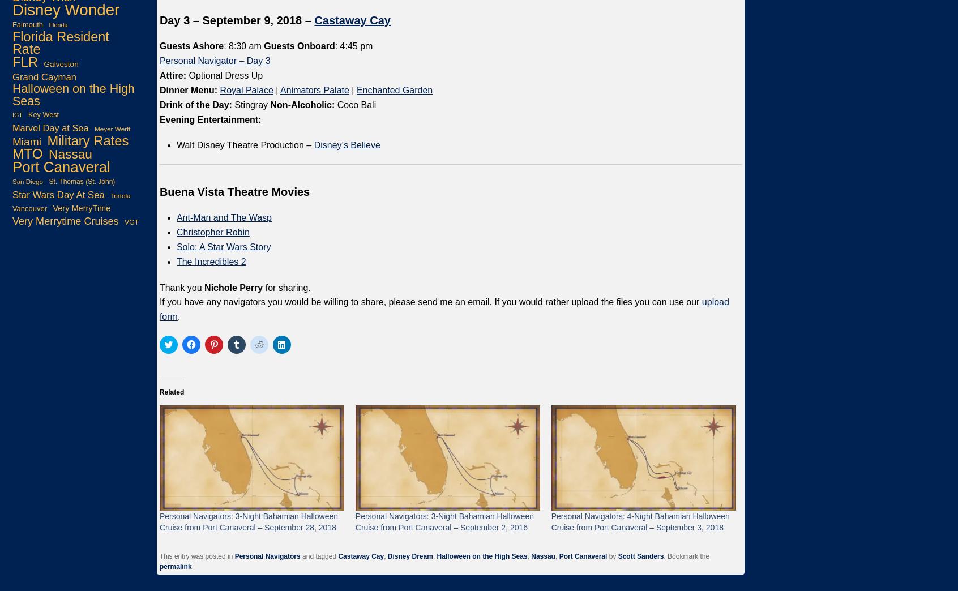  What do you see at coordinates (223, 246) in the screenshot?
I see `'Solo: A Star Wars Story'` at bounding box center [223, 246].